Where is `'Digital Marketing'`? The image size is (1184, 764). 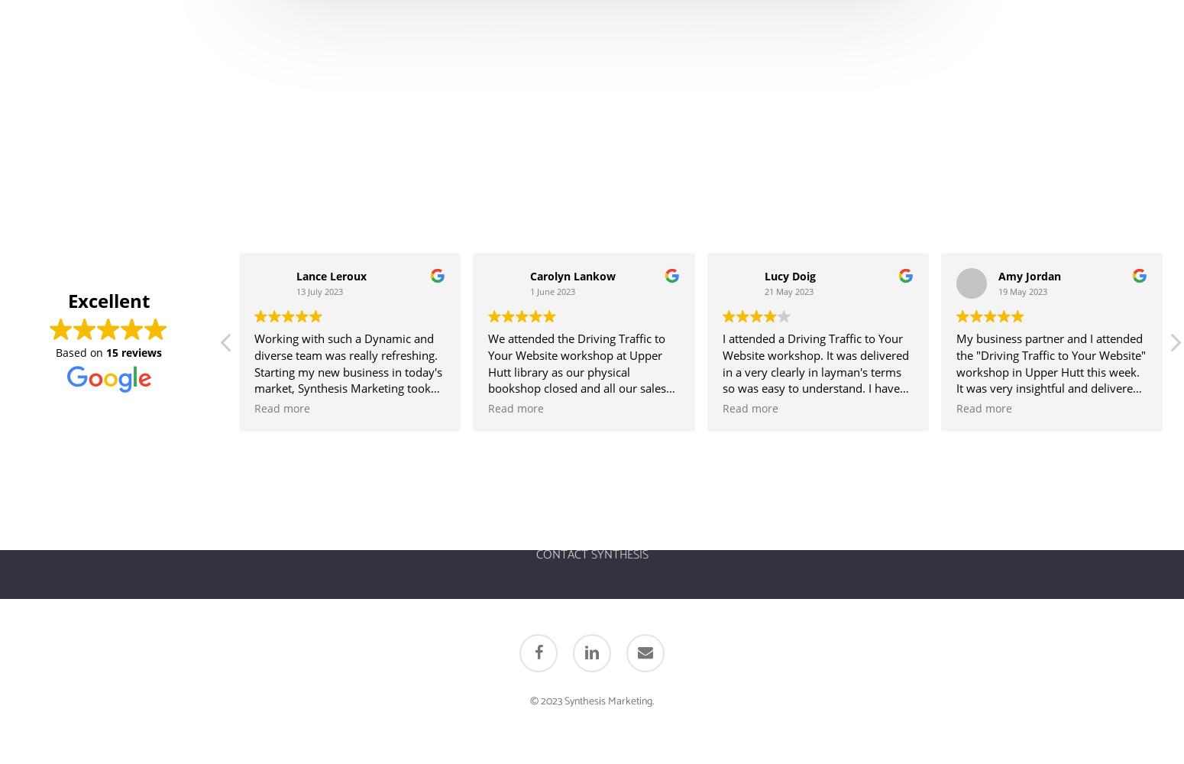
'Digital Marketing' is located at coordinates (413, 528).